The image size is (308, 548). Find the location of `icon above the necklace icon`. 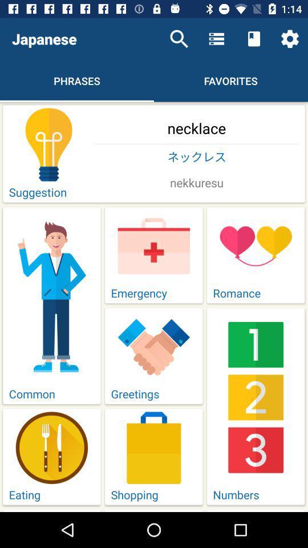

icon above the necklace icon is located at coordinates (179, 39).